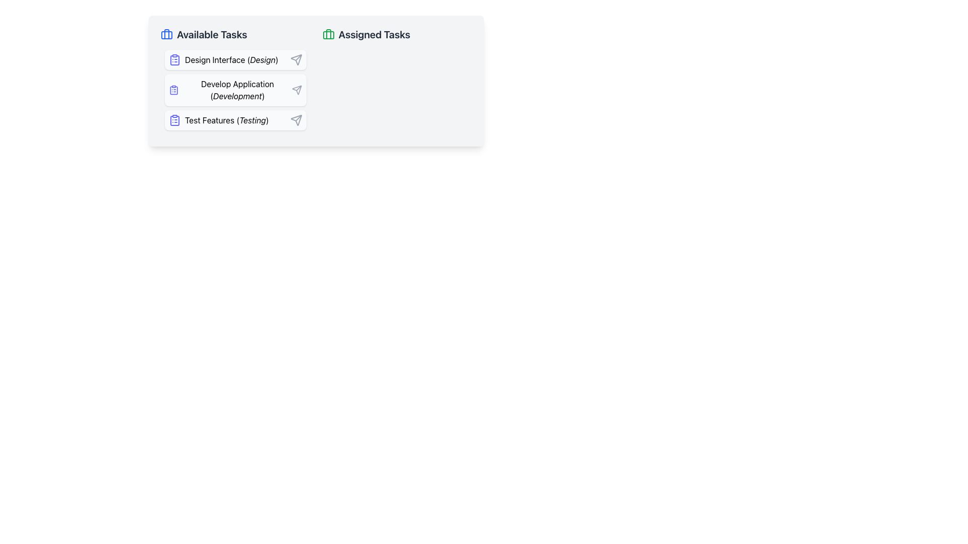 Image resolution: width=968 pixels, height=544 pixels. Describe the element at coordinates (167, 34) in the screenshot. I see `the vertical line element styled as part of a briefcase icon located adjacent to the 'Available Tasks' title in the top left region of the interface` at that location.